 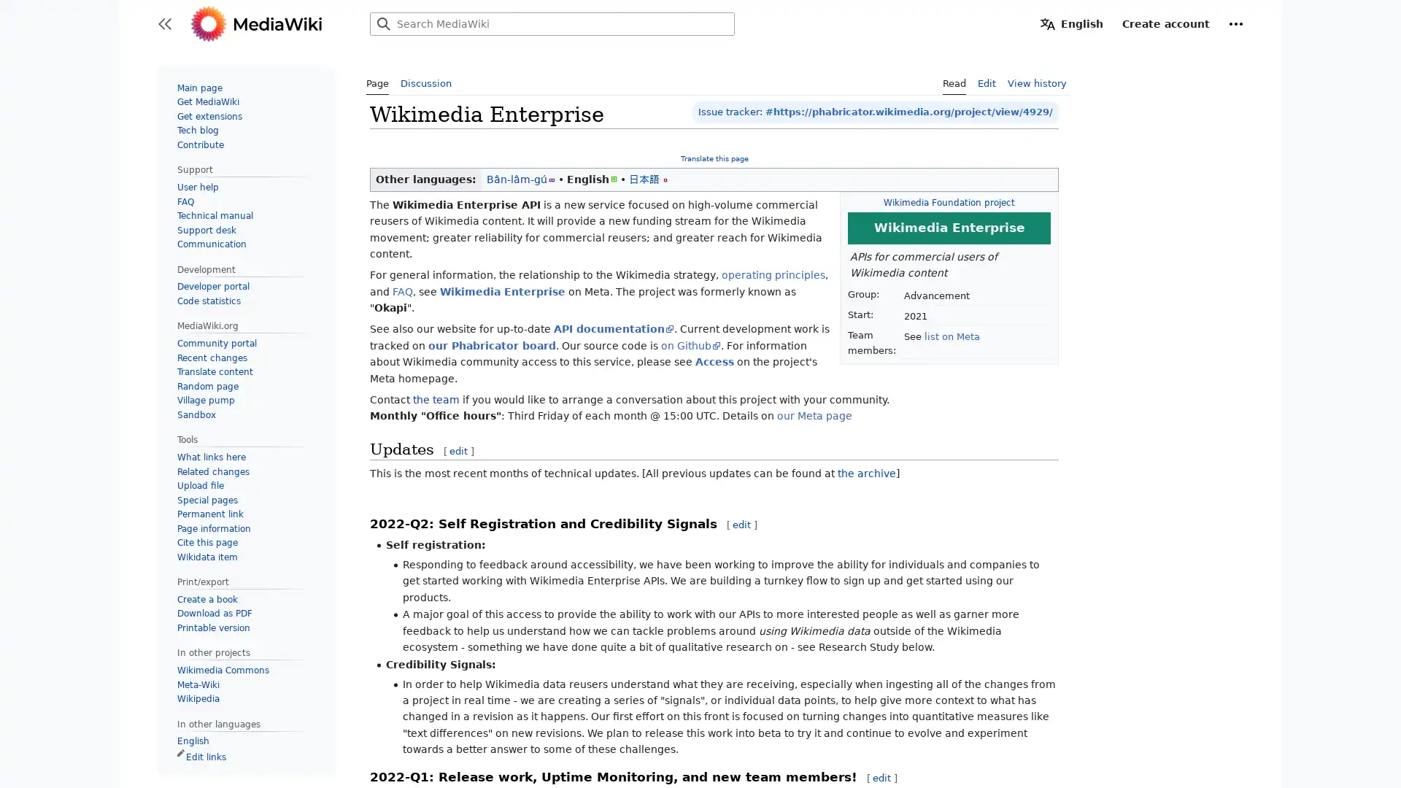 I want to click on Search, so click(x=384, y=24).